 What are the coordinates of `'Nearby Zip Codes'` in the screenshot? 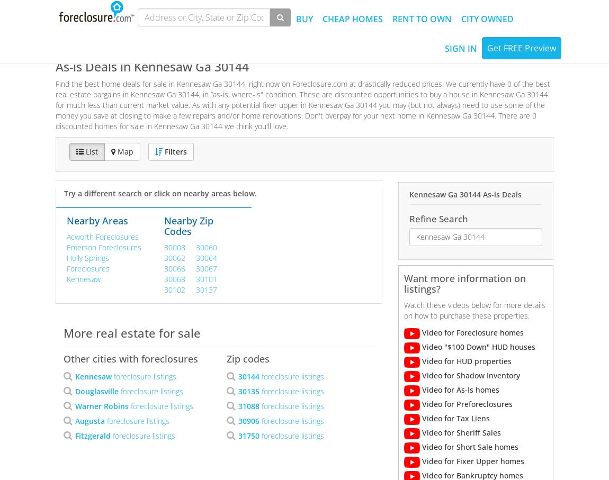 It's located at (164, 225).